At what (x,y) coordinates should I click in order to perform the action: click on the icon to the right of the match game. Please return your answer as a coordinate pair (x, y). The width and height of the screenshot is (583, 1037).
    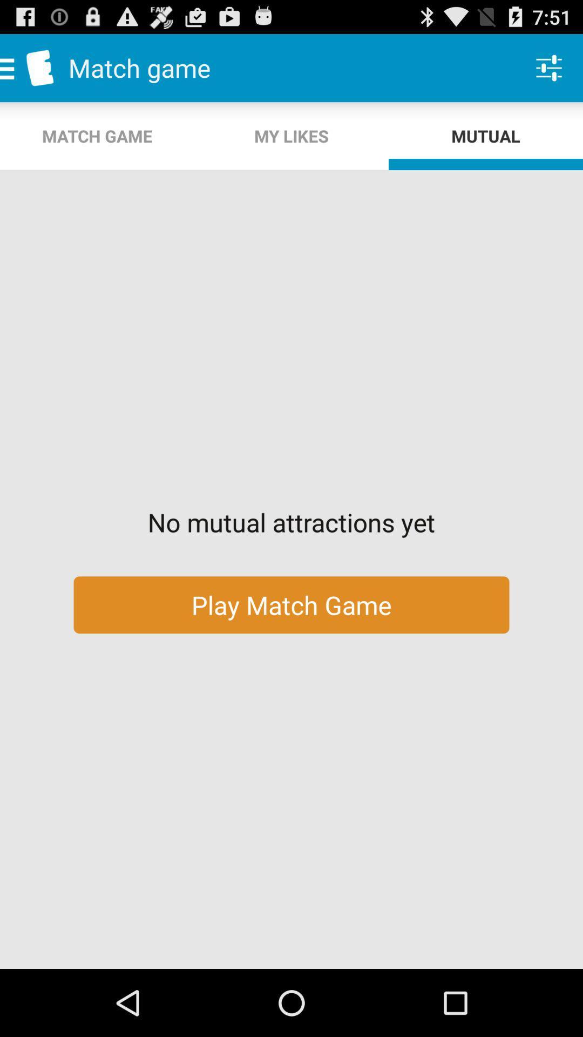
    Looking at the image, I should click on (291, 136).